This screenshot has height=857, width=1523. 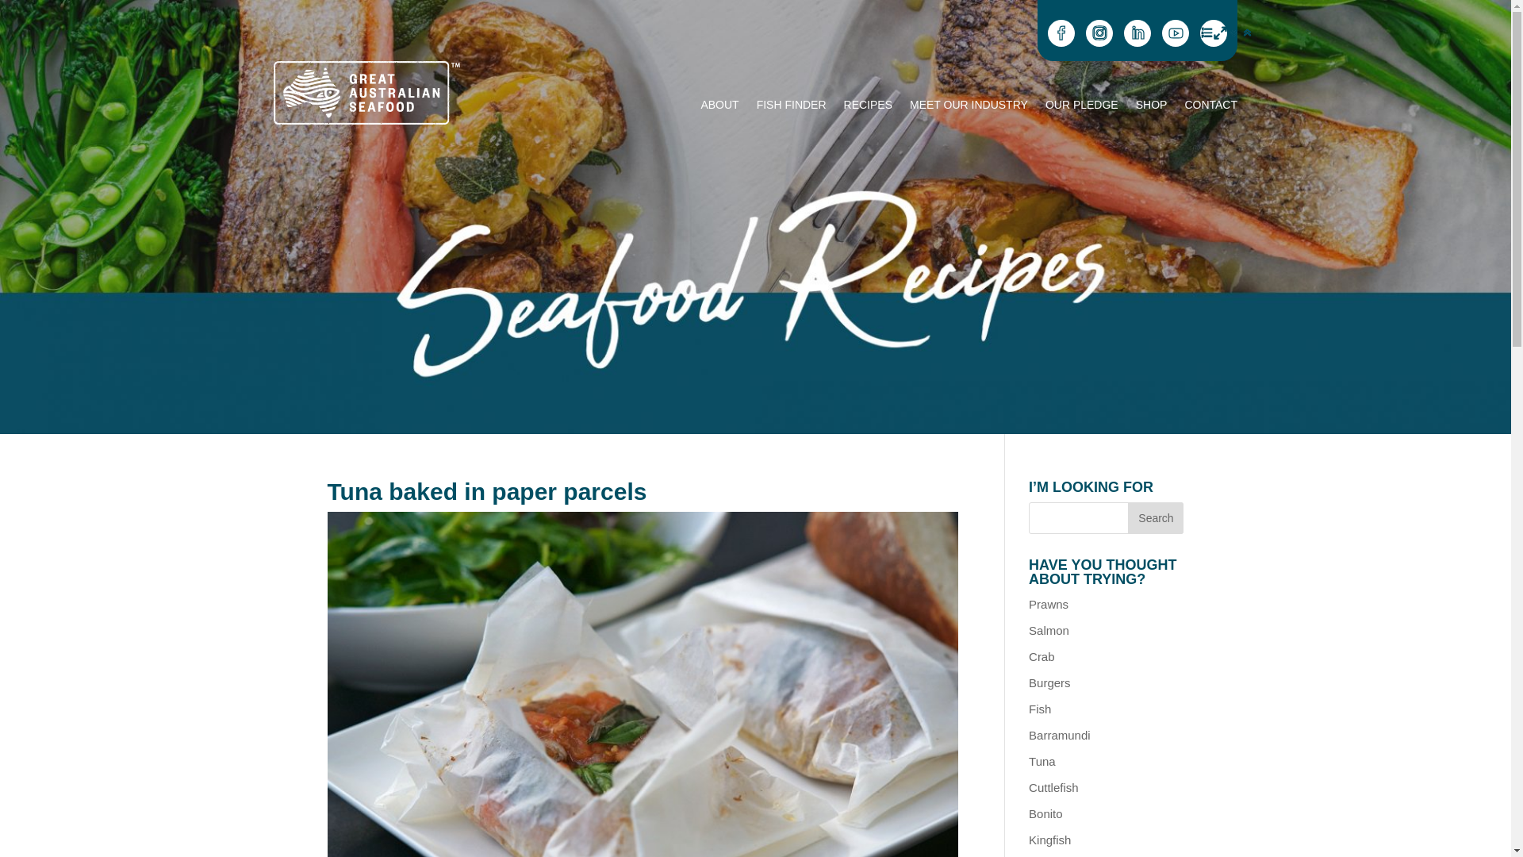 I want to click on 'Salmon', so click(x=1049, y=629).